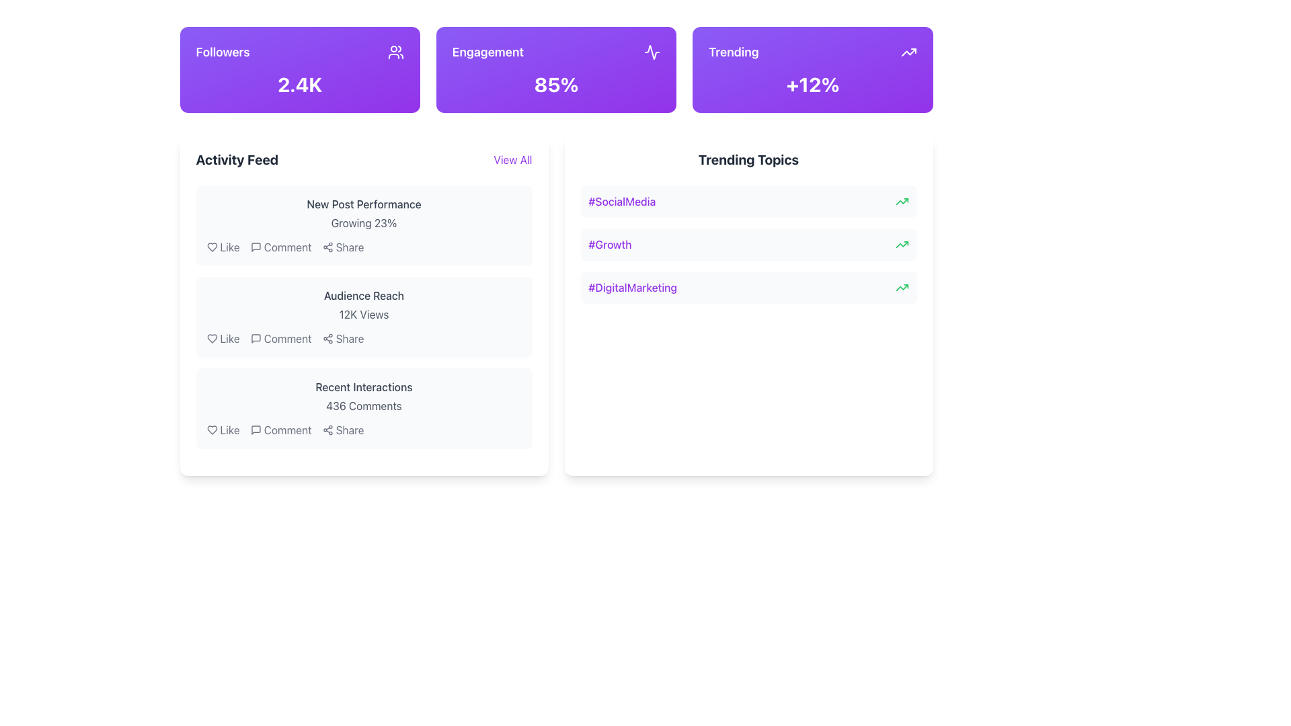  Describe the element at coordinates (280, 338) in the screenshot. I see `the button located between 'Like' and 'Share' in the 'Audience Reach' section of the activity feed` at that location.